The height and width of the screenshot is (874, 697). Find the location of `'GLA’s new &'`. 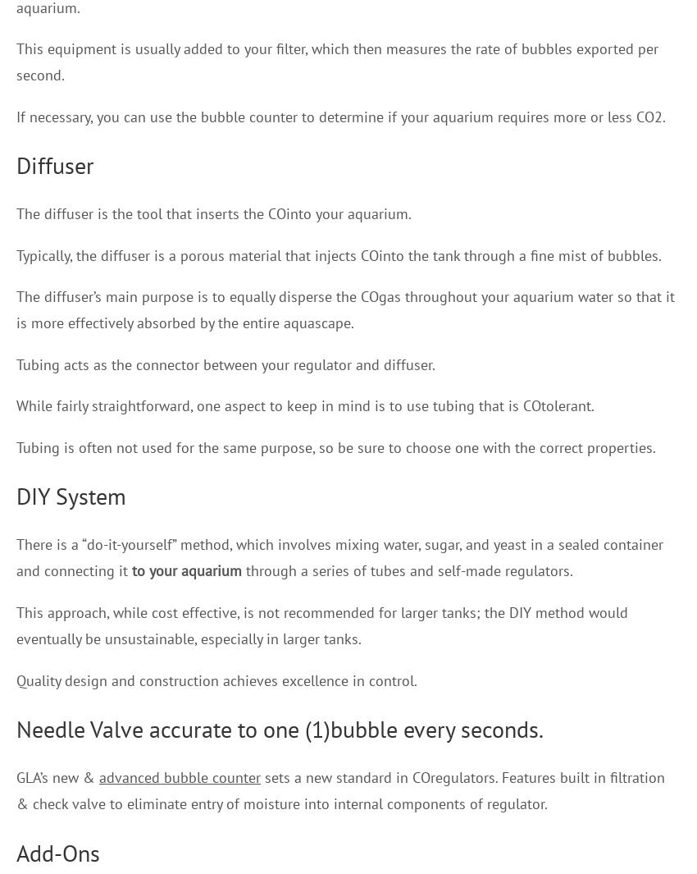

'GLA’s new &' is located at coordinates (57, 776).